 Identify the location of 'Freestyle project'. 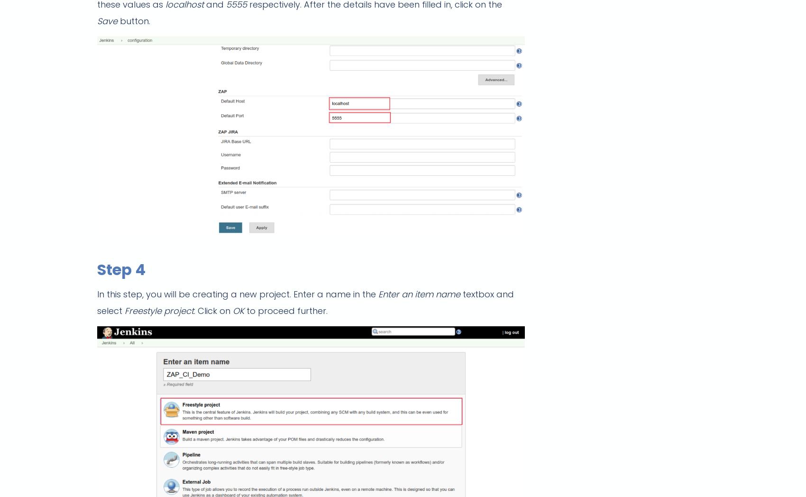
(124, 310).